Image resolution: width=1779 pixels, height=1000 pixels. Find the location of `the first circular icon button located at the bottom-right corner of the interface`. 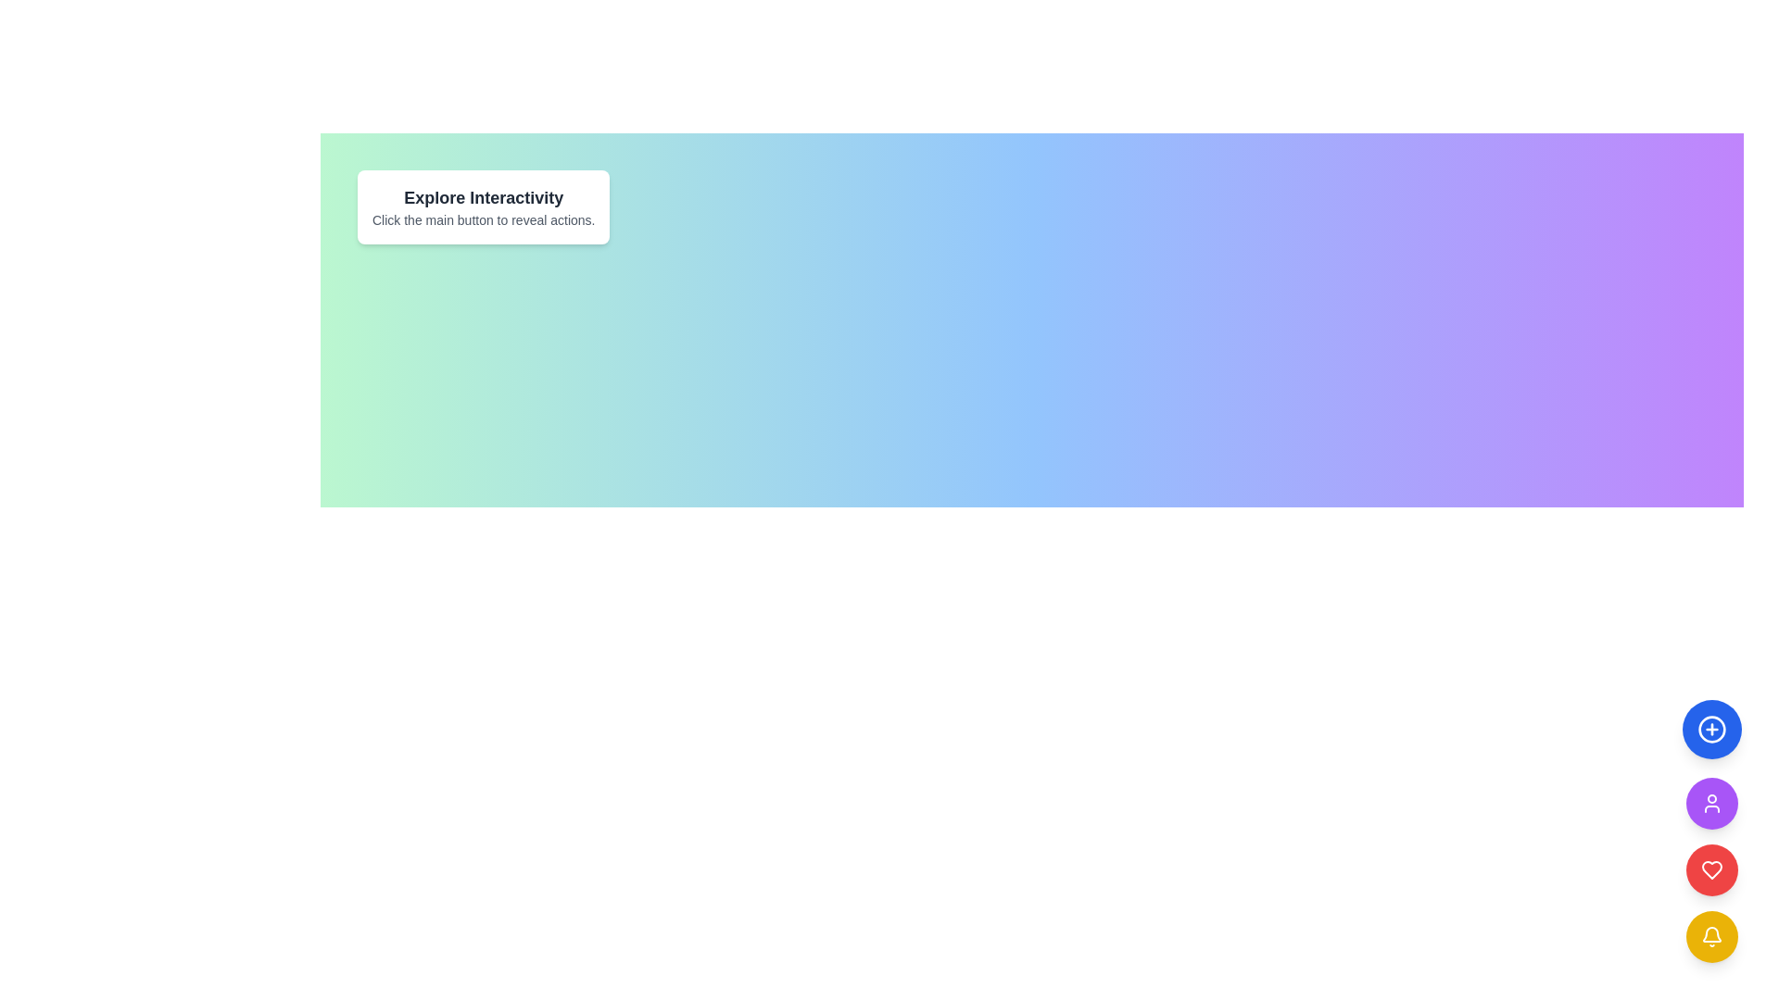

the first circular icon button located at the bottom-right corner of the interface is located at coordinates (1711, 728).